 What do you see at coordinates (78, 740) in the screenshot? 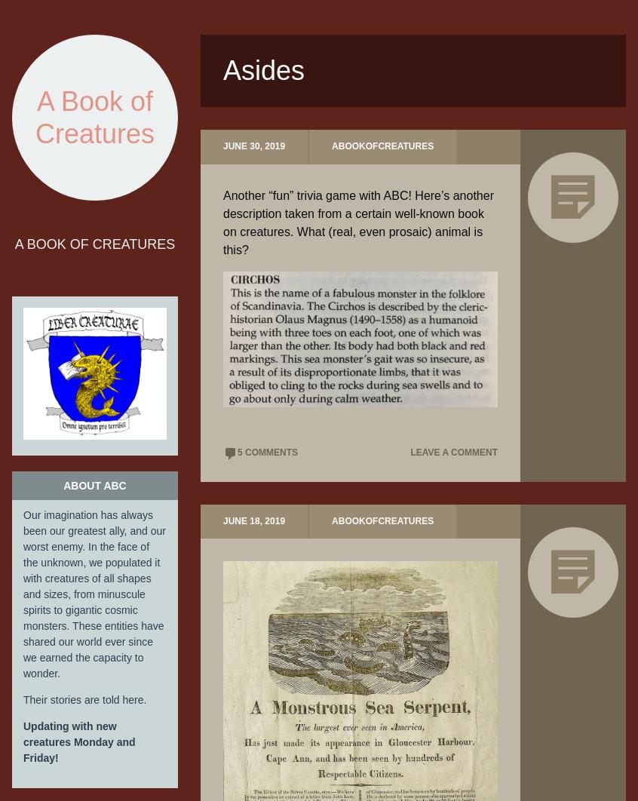
I see `'Updating with new creatures Monday and Friday!'` at bounding box center [78, 740].